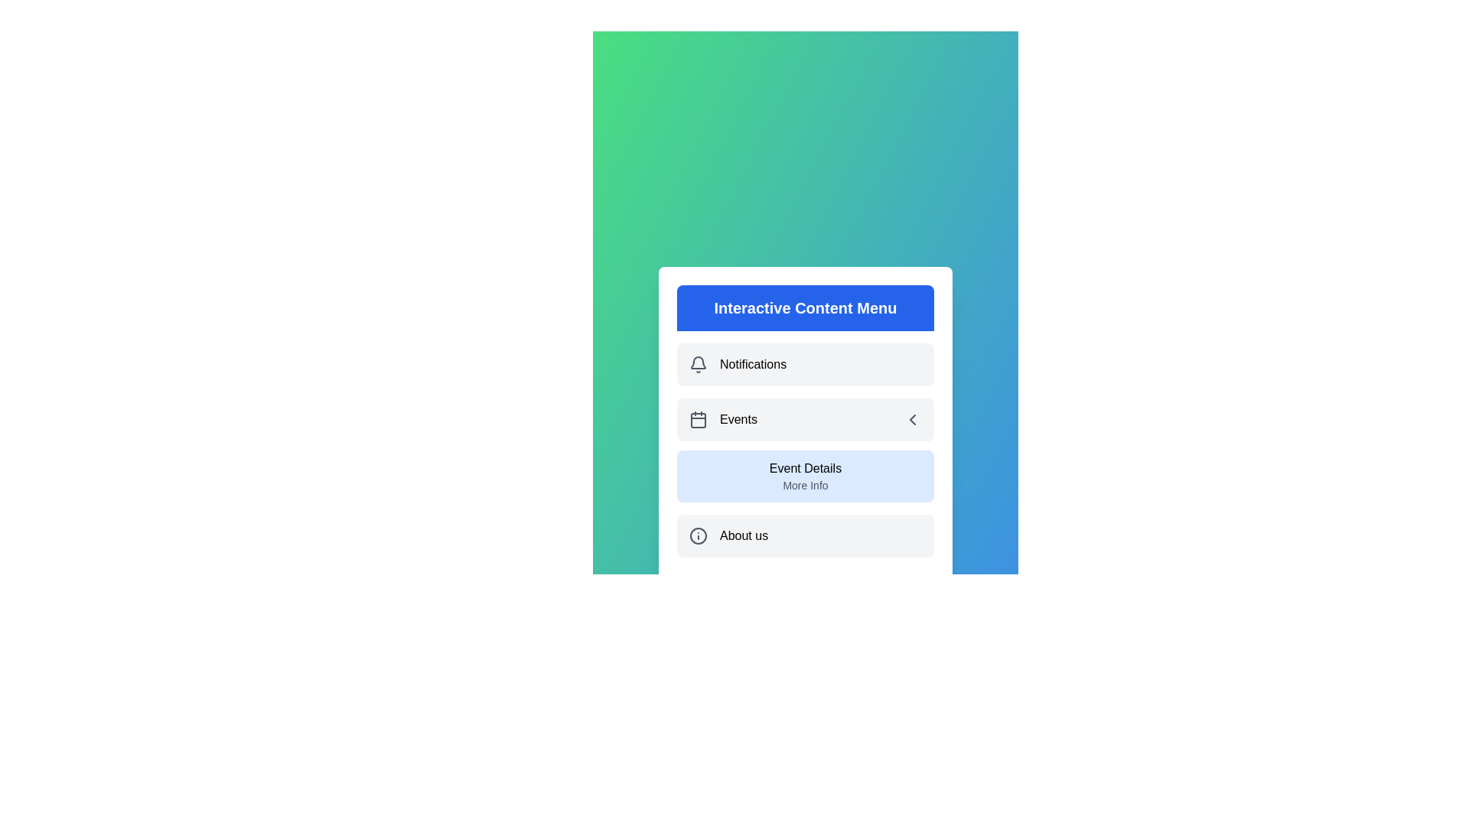 This screenshot has width=1469, height=826. What do you see at coordinates (804, 307) in the screenshot?
I see `the header section of the menu` at bounding box center [804, 307].